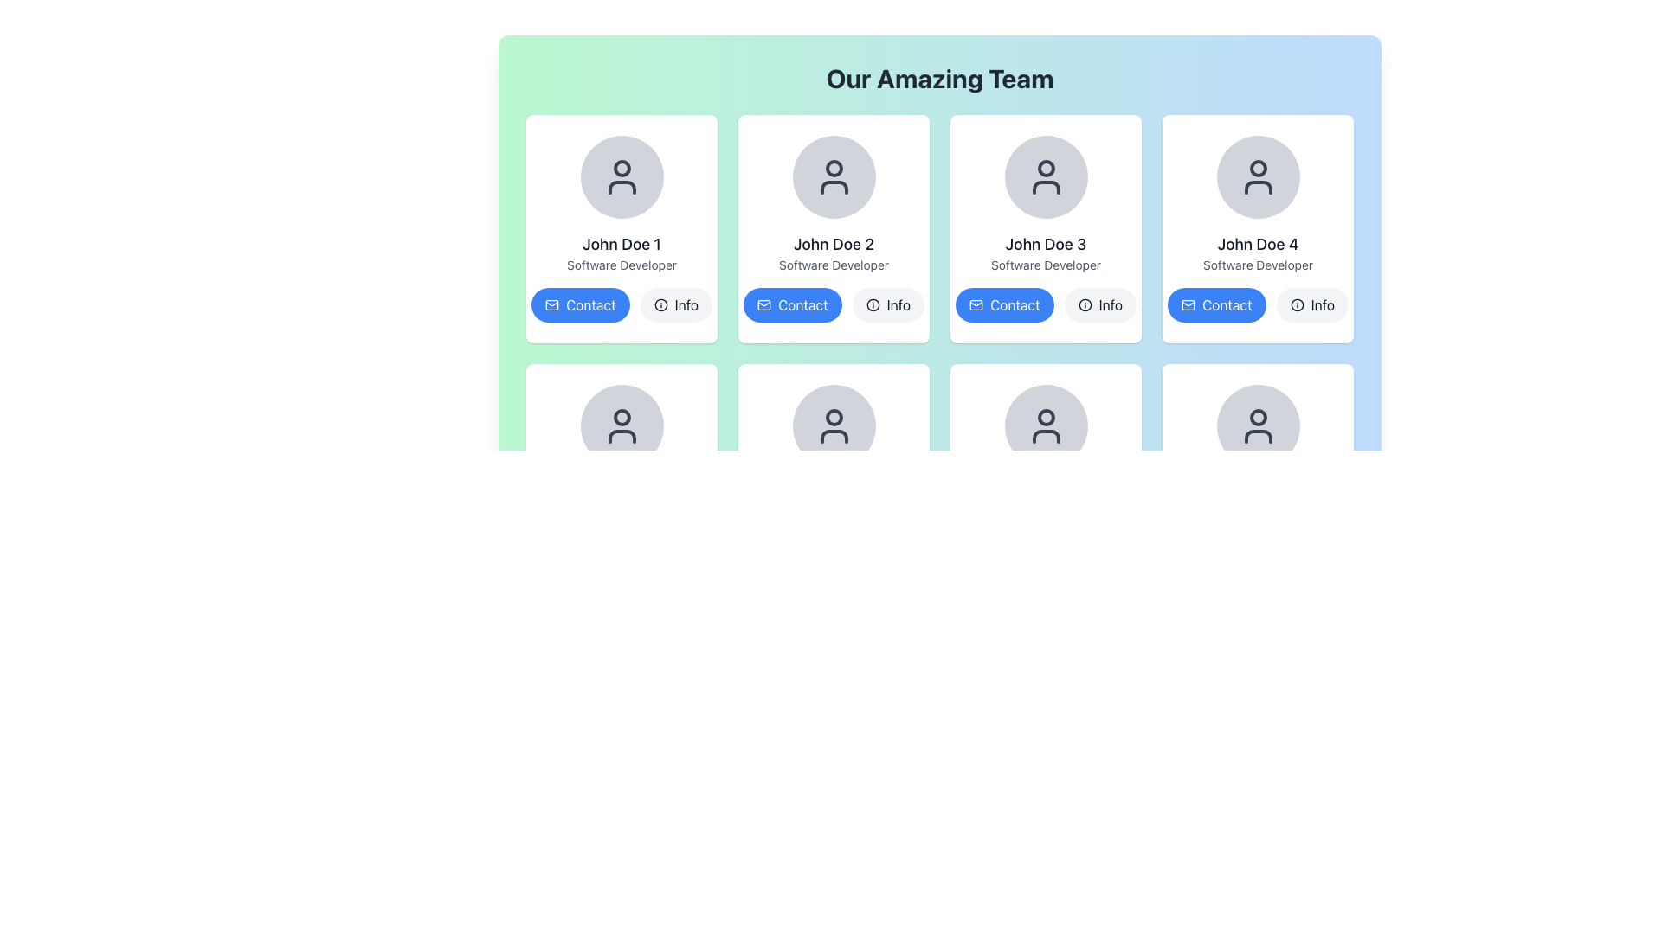  Describe the element at coordinates (1045, 265) in the screenshot. I see `the static text label that designates the role or occupation of the individual represented in the card for 'John Doe 3', located between the name and the buttons labeled 'Contact' and 'Info'` at that location.